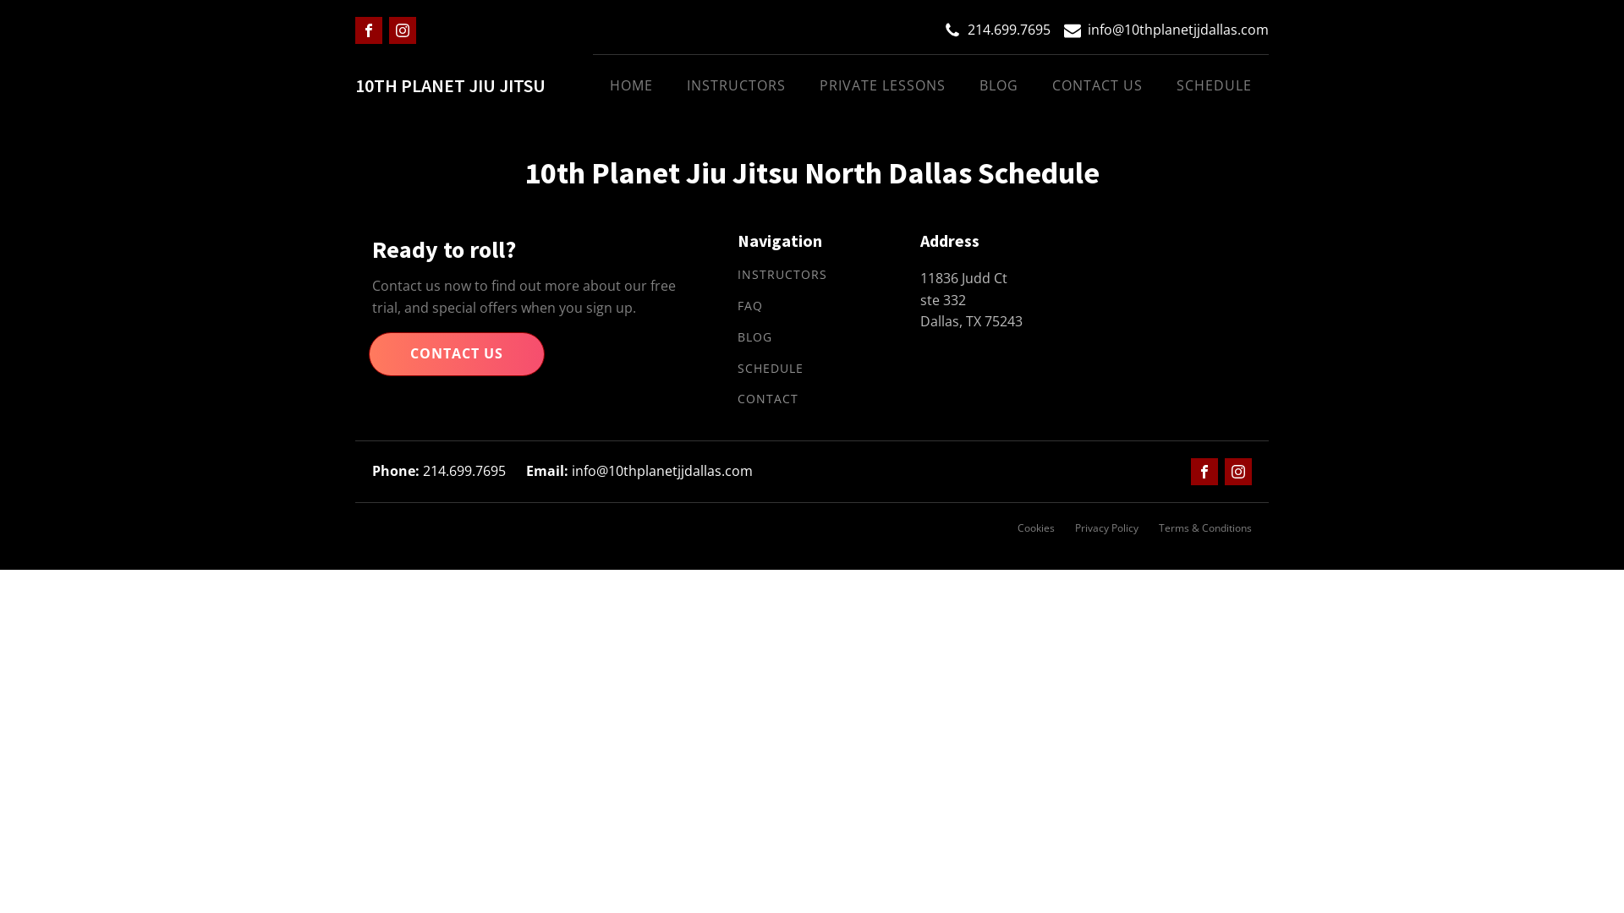  Describe the element at coordinates (1204, 527) in the screenshot. I see `'Terms & Conditions'` at that location.